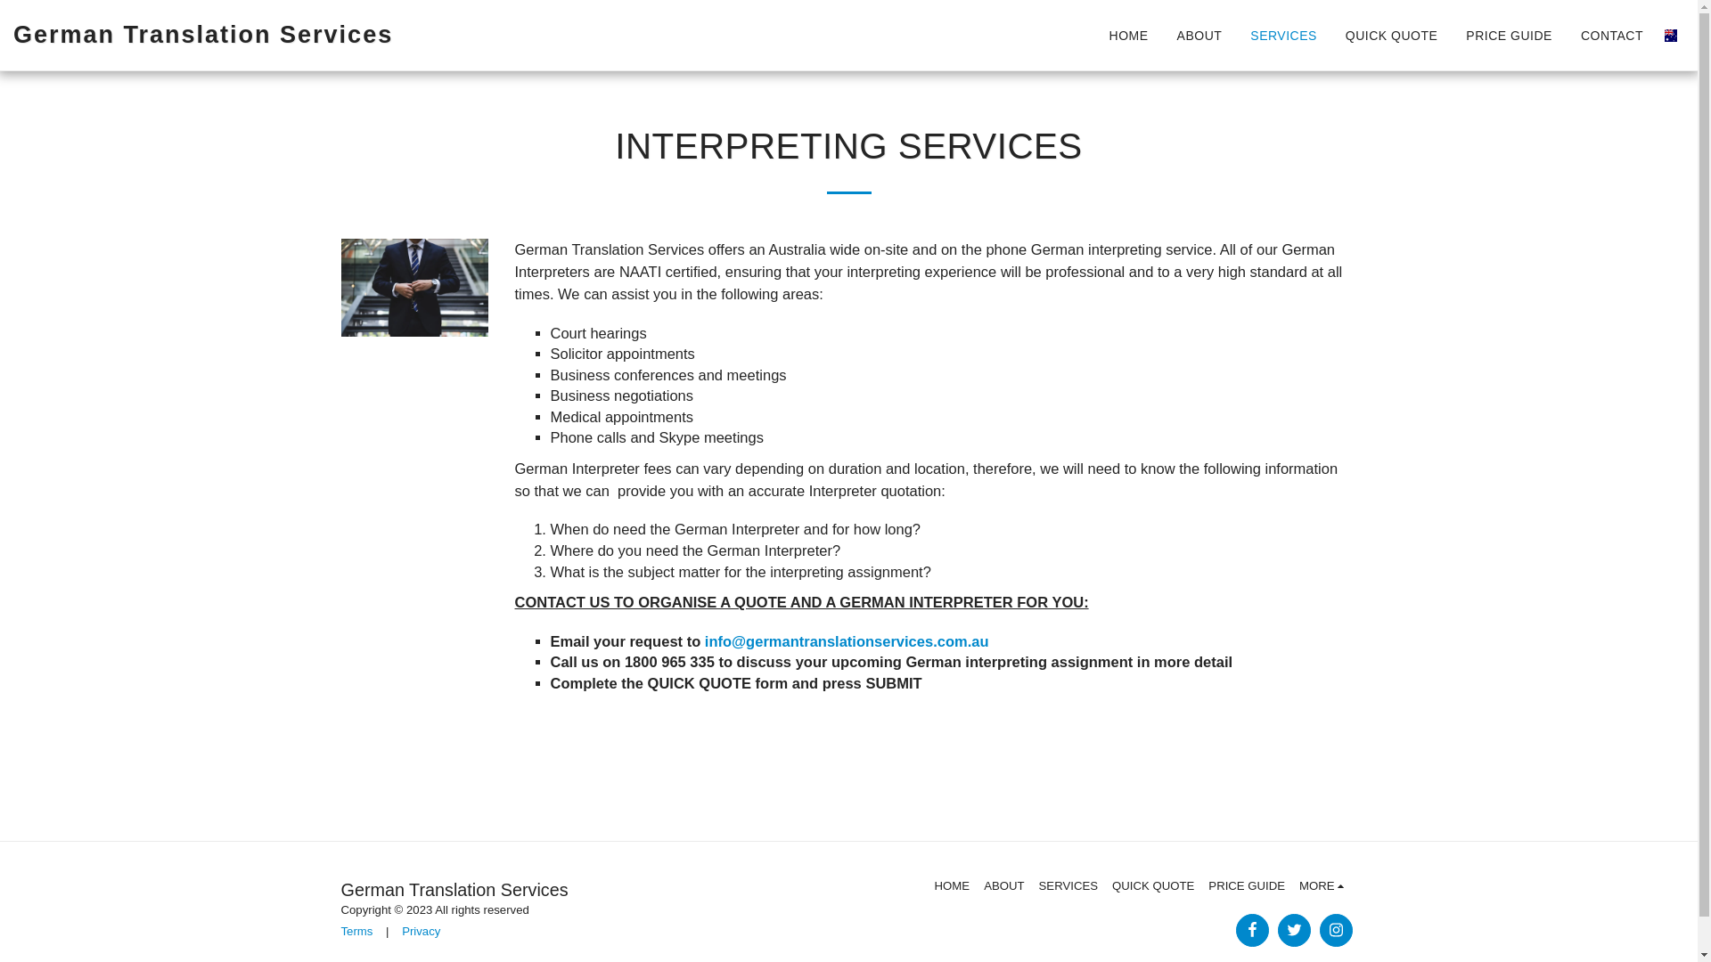 The image size is (1711, 962). I want to click on 'German Translation Services', so click(202, 35).